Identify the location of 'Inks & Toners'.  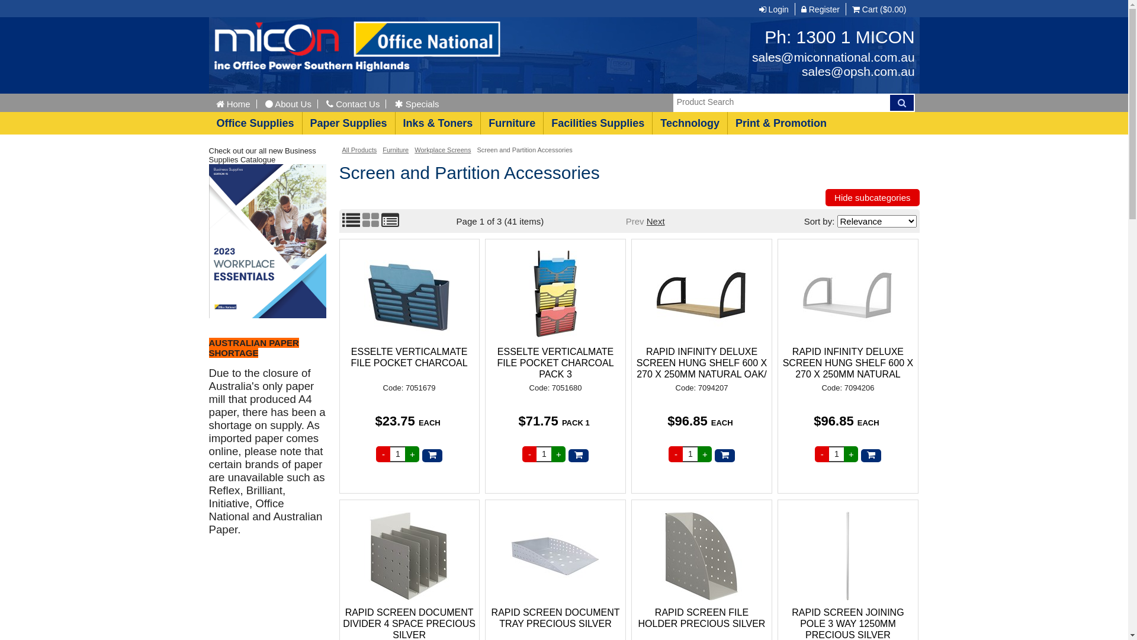
(437, 123).